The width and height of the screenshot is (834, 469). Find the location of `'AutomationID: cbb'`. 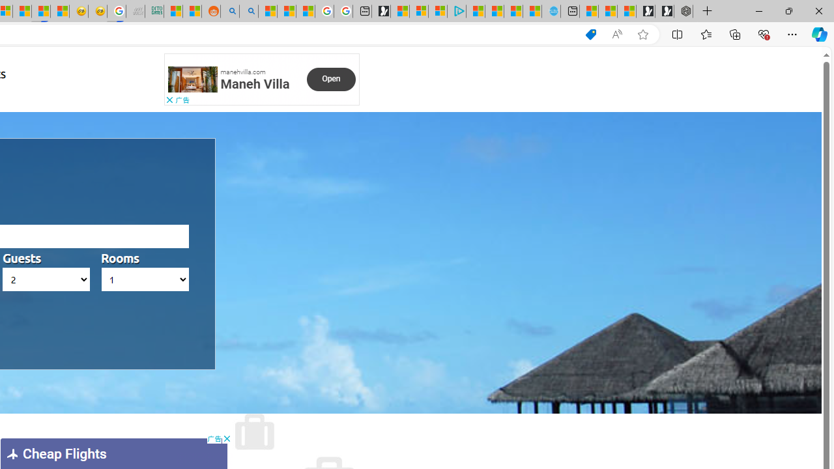

'AutomationID: cbb' is located at coordinates (227, 438).